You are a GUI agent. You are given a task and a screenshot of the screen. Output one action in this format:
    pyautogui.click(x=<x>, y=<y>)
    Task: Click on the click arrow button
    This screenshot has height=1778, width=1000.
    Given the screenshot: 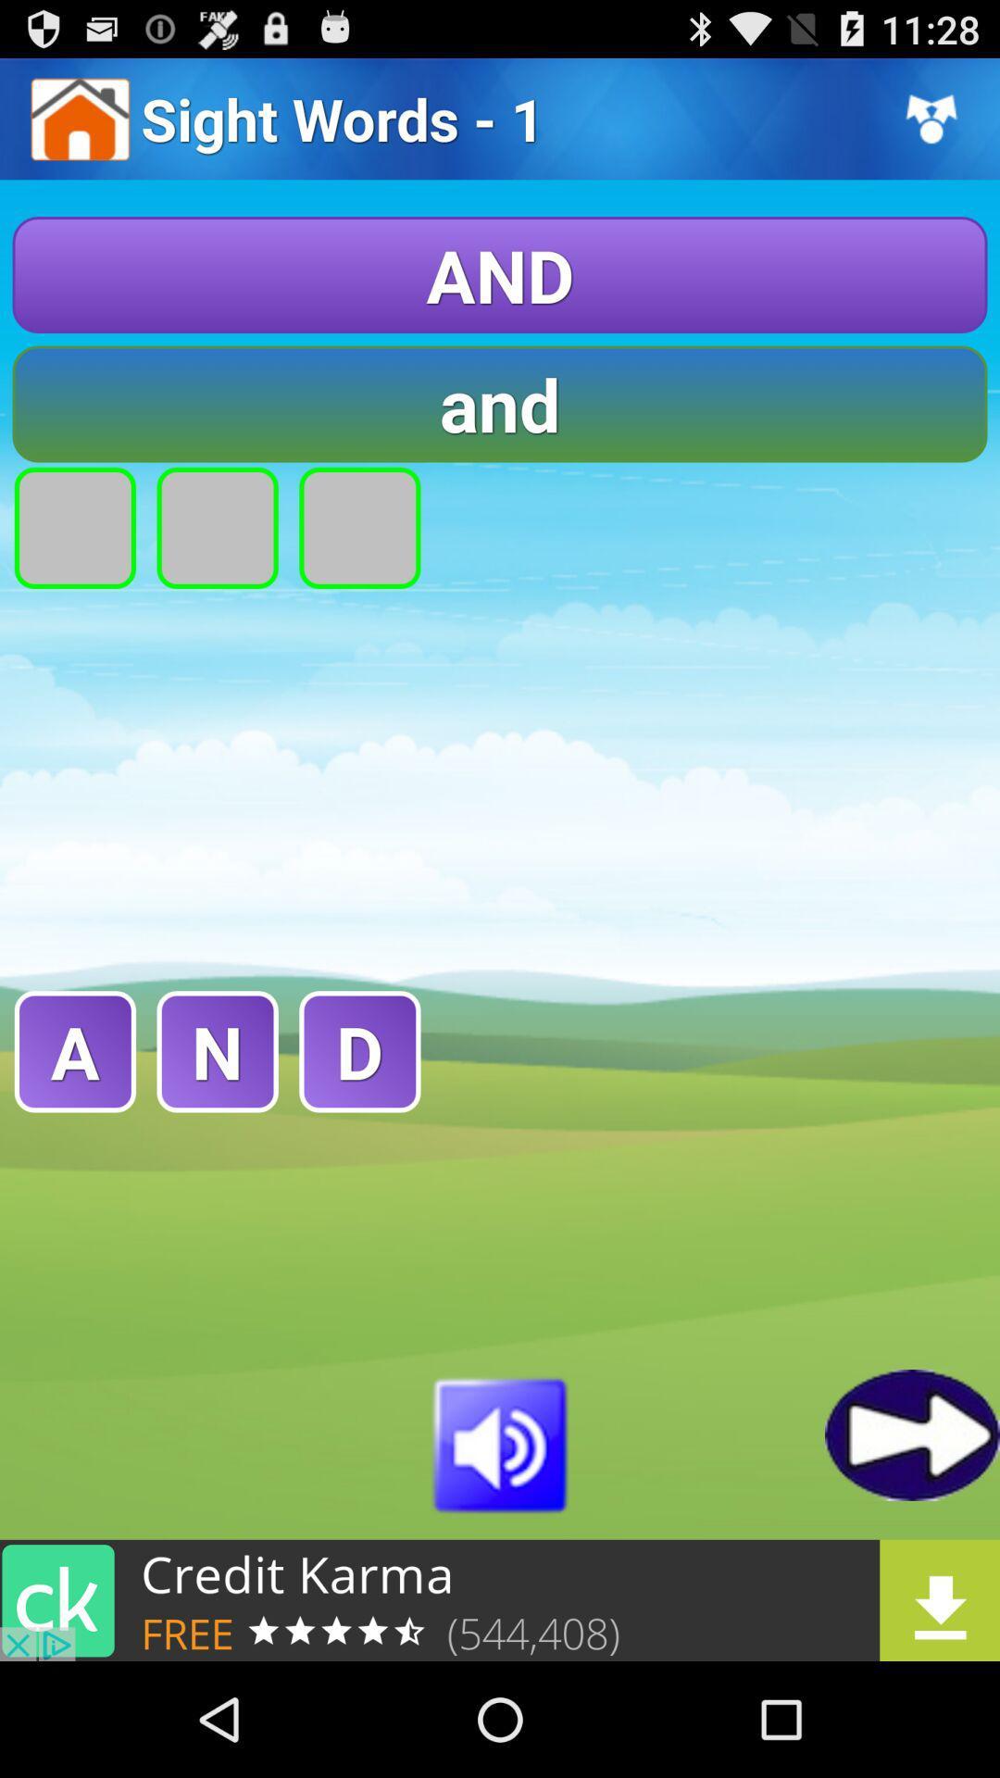 What is the action you would take?
    pyautogui.click(x=911, y=1434)
    